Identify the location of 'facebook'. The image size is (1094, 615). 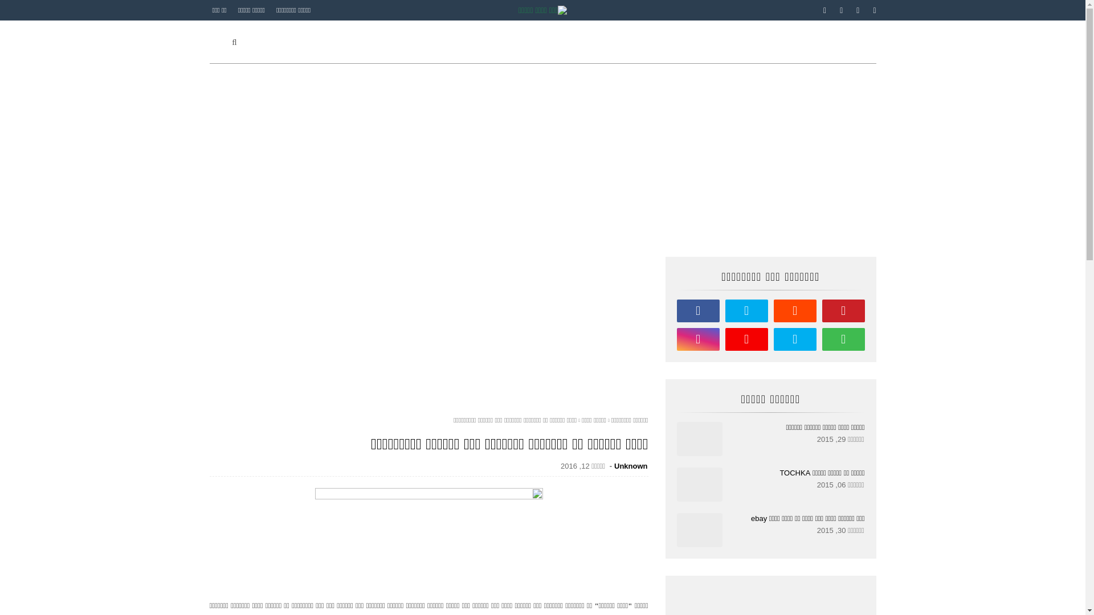
(697, 311).